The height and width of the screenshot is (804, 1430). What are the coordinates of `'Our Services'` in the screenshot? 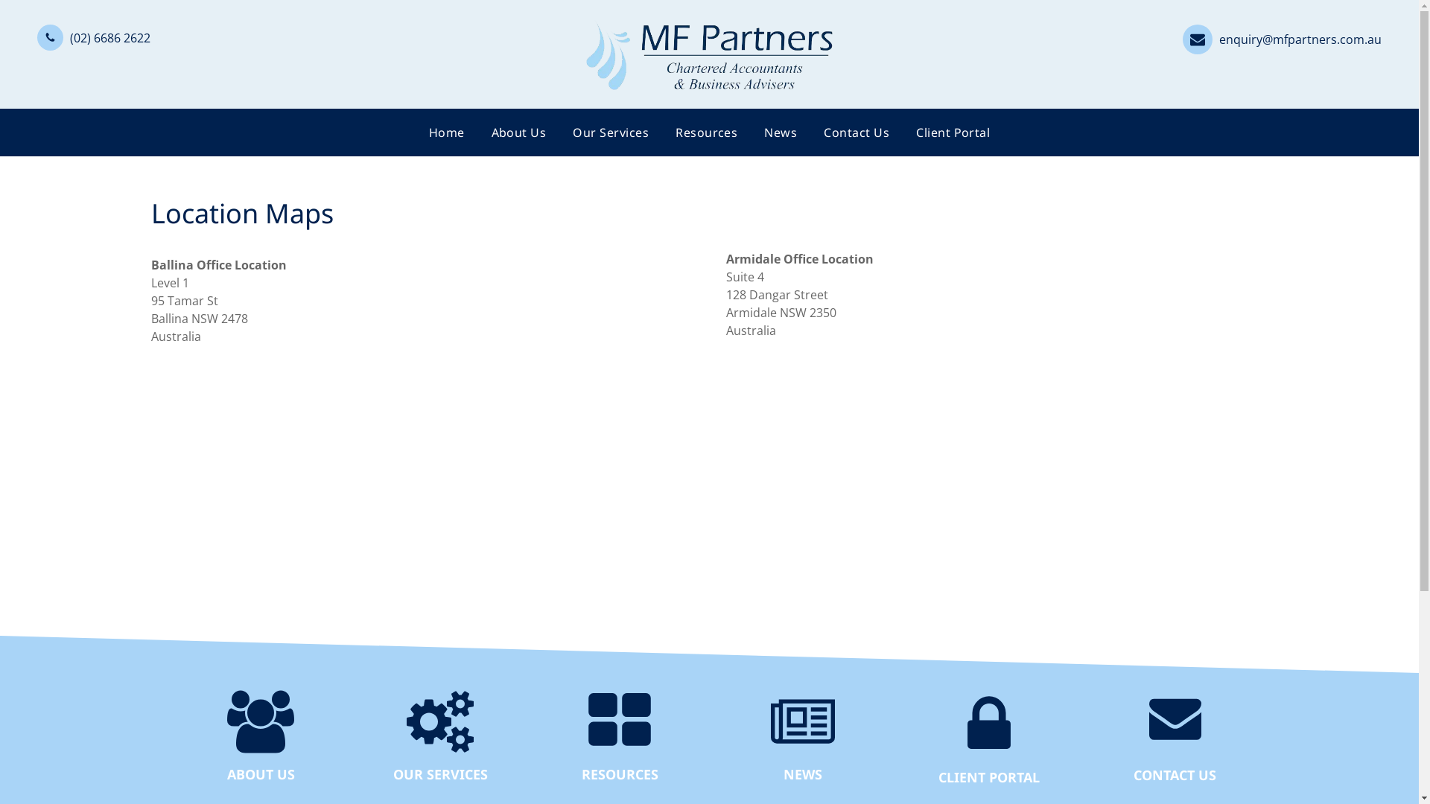 It's located at (611, 131).